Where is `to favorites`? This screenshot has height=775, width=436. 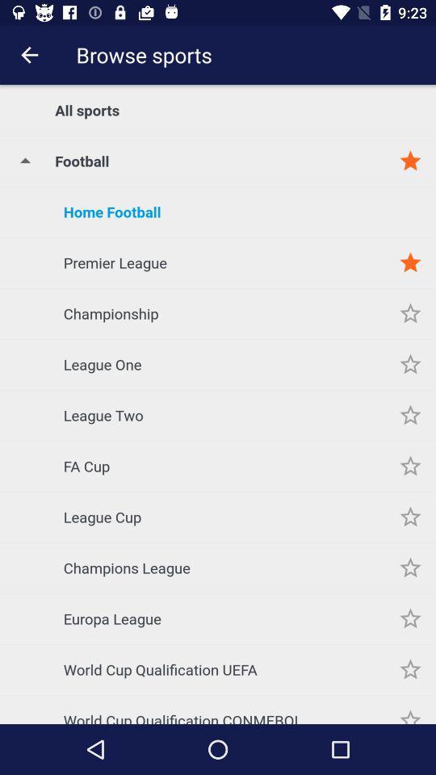 to favorites is located at coordinates (410, 708).